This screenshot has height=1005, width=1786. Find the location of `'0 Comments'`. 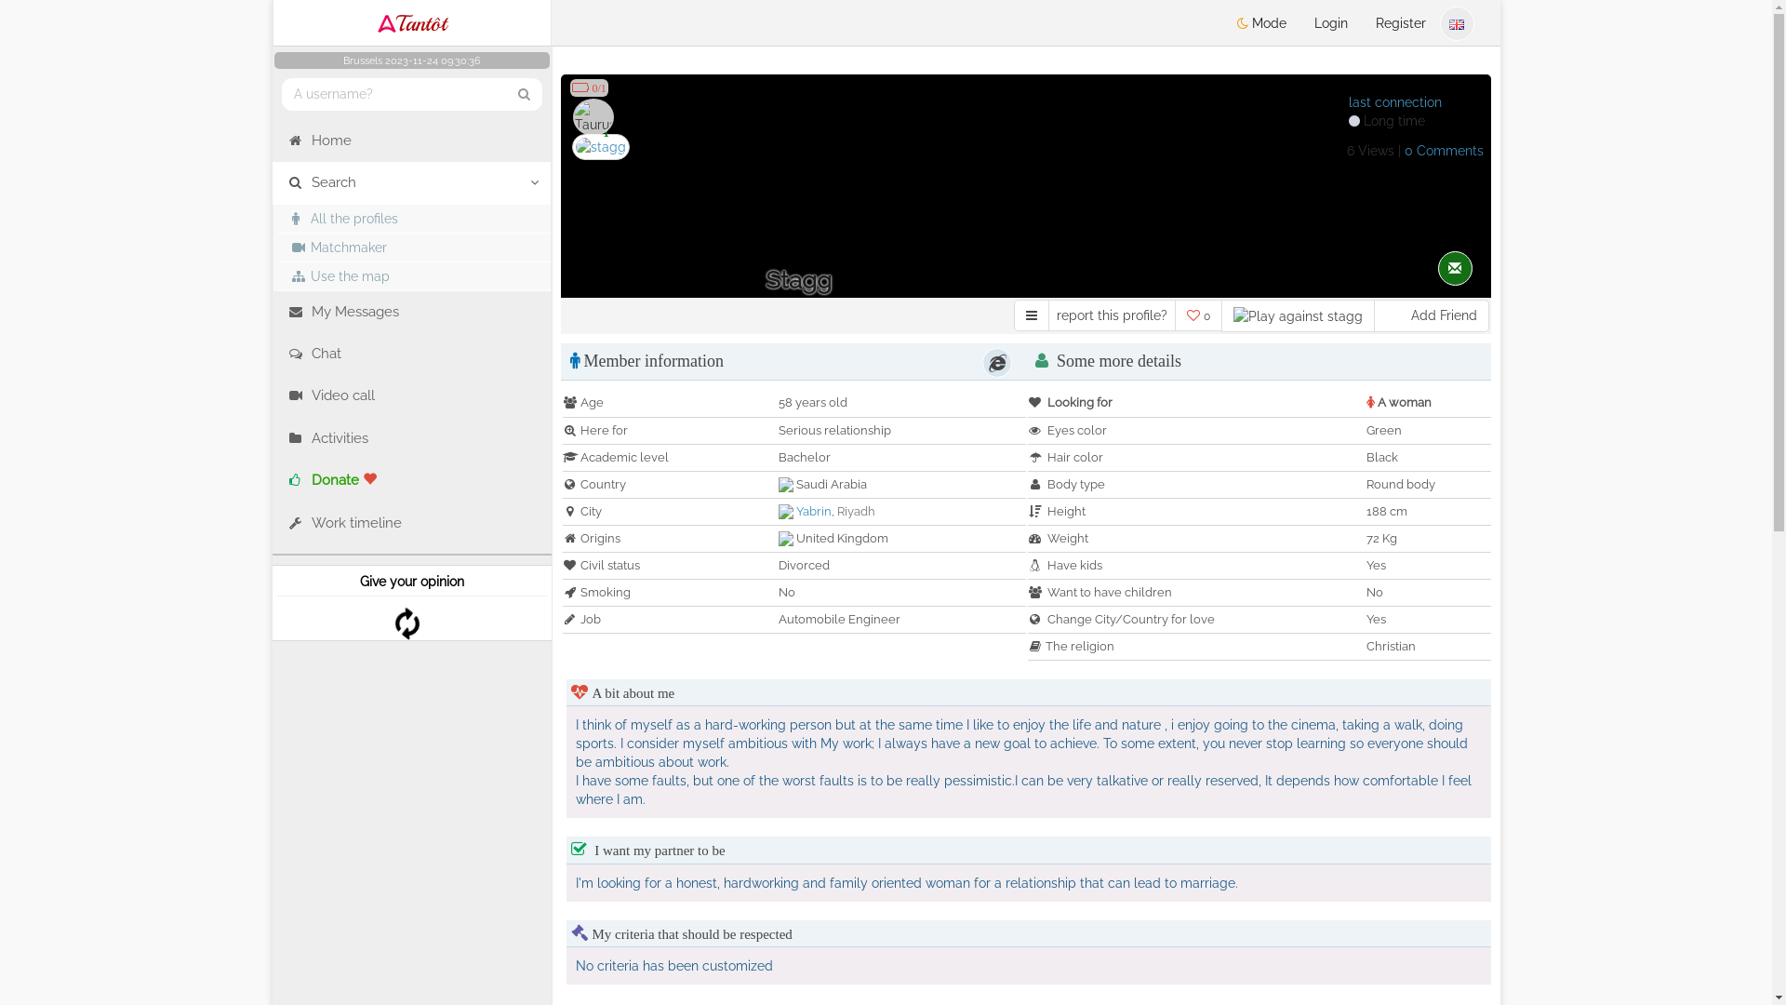

'0 Comments' is located at coordinates (1443, 150).